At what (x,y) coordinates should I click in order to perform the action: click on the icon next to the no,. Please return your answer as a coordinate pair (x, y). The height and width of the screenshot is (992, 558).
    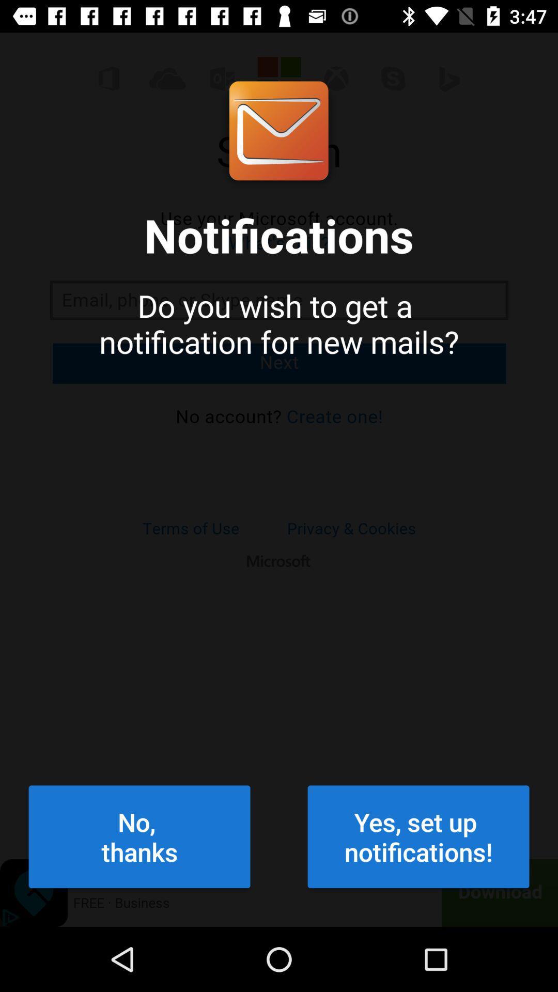
    Looking at the image, I should click on (419, 836).